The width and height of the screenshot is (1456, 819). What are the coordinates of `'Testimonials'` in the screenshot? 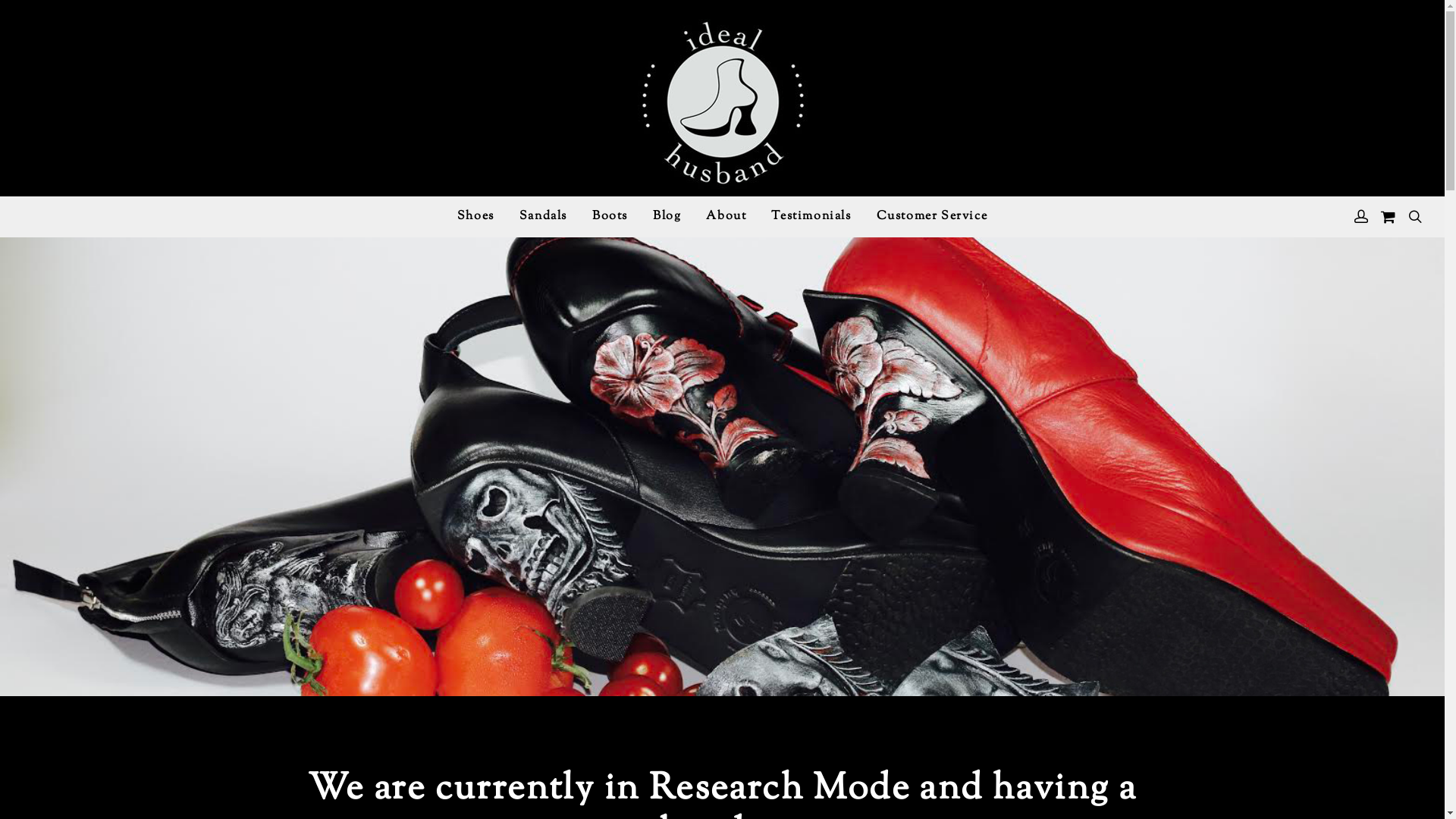 It's located at (810, 216).